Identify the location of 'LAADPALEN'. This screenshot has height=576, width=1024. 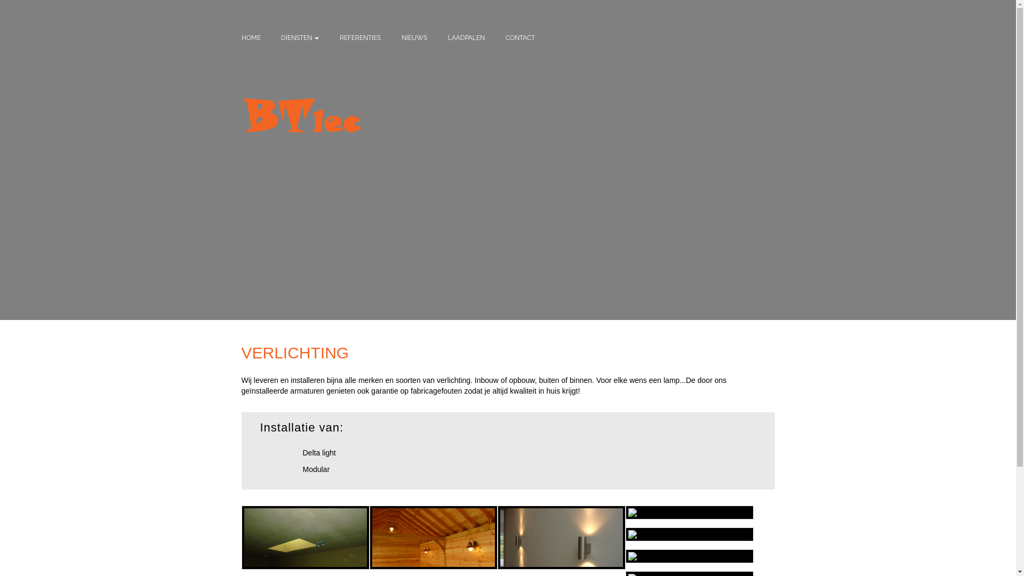
(466, 37).